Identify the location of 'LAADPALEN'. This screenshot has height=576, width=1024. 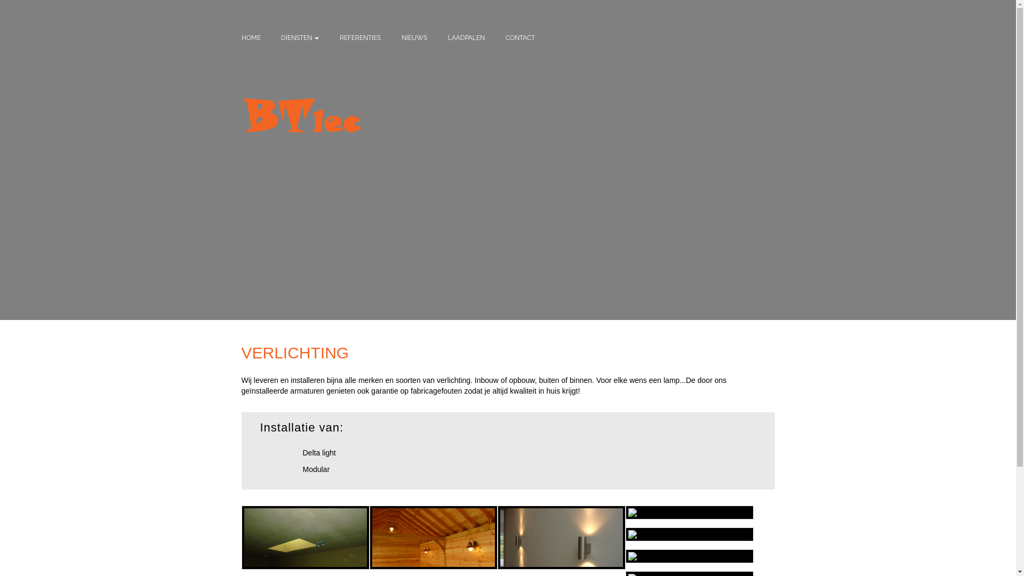
(466, 37).